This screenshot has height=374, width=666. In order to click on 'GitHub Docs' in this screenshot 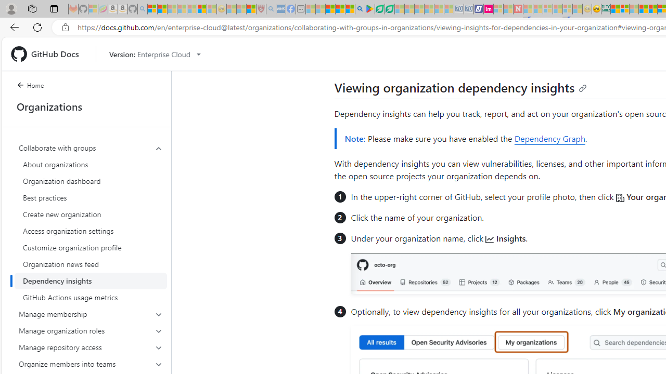, I will do `click(48, 54)`.